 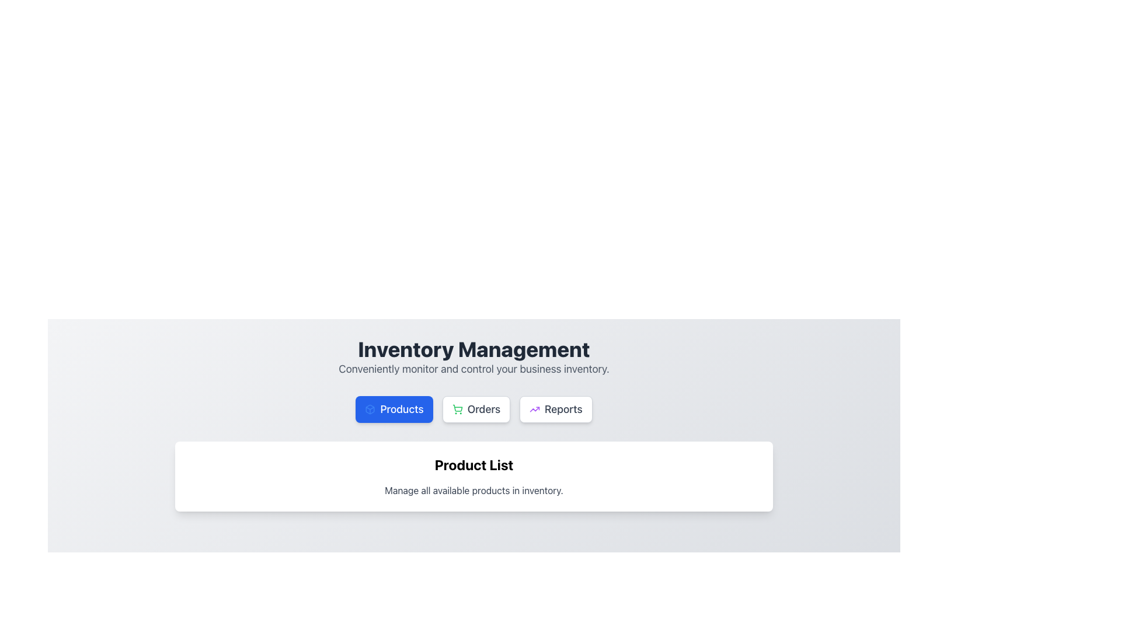 I want to click on the visual appearance of the shopping cart icon, which represents the 'Orders' button located below the 'Inventory Management' title, so click(x=457, y=409).